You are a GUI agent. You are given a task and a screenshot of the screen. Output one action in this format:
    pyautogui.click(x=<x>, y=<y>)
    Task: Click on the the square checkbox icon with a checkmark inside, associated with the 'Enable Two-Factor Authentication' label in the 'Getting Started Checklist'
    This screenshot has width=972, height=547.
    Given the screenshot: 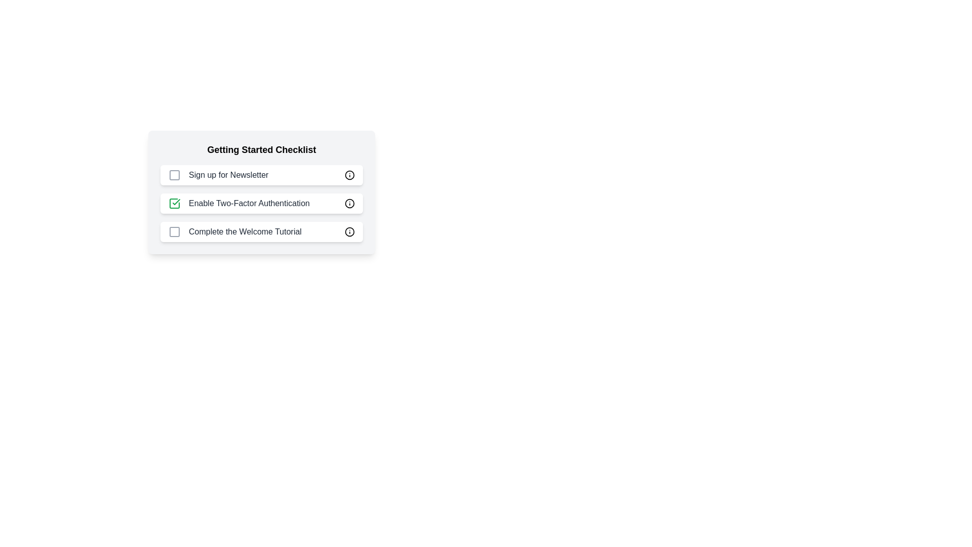 What is the action you would take?
    pyautogui.click(x=175, y=203)
    